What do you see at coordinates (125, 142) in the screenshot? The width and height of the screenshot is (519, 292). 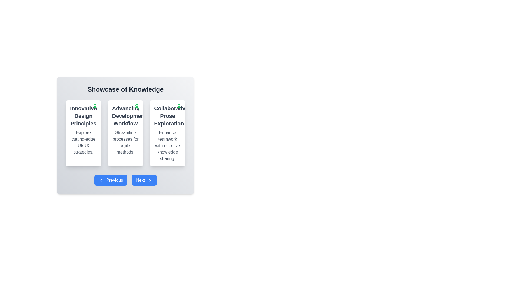 I see `text content that says 'Streamline processes for agile methods.' located at the center of the text block styled with a gray font color beneath the title 'Advancing Development Workflow'` at bounding box center [125, 142].